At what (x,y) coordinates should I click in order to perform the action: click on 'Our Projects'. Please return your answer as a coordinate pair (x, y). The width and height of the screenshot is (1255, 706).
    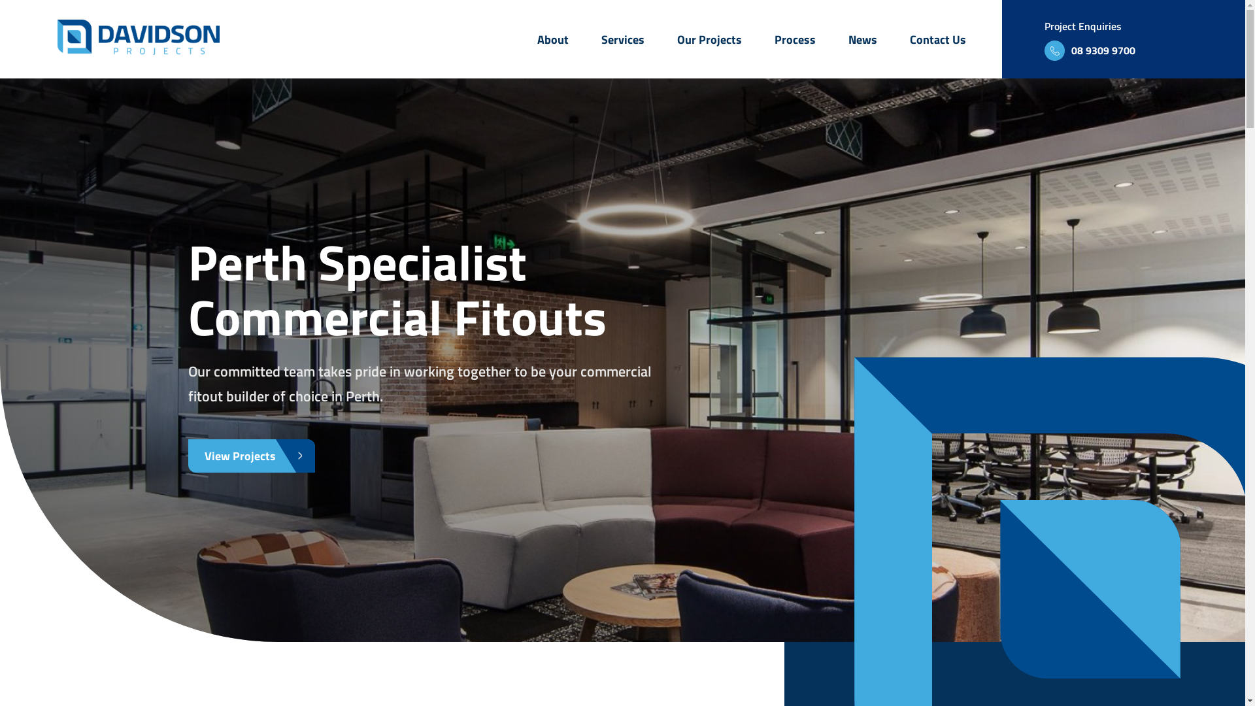
    Looking at the image, I should click on (709, 39).